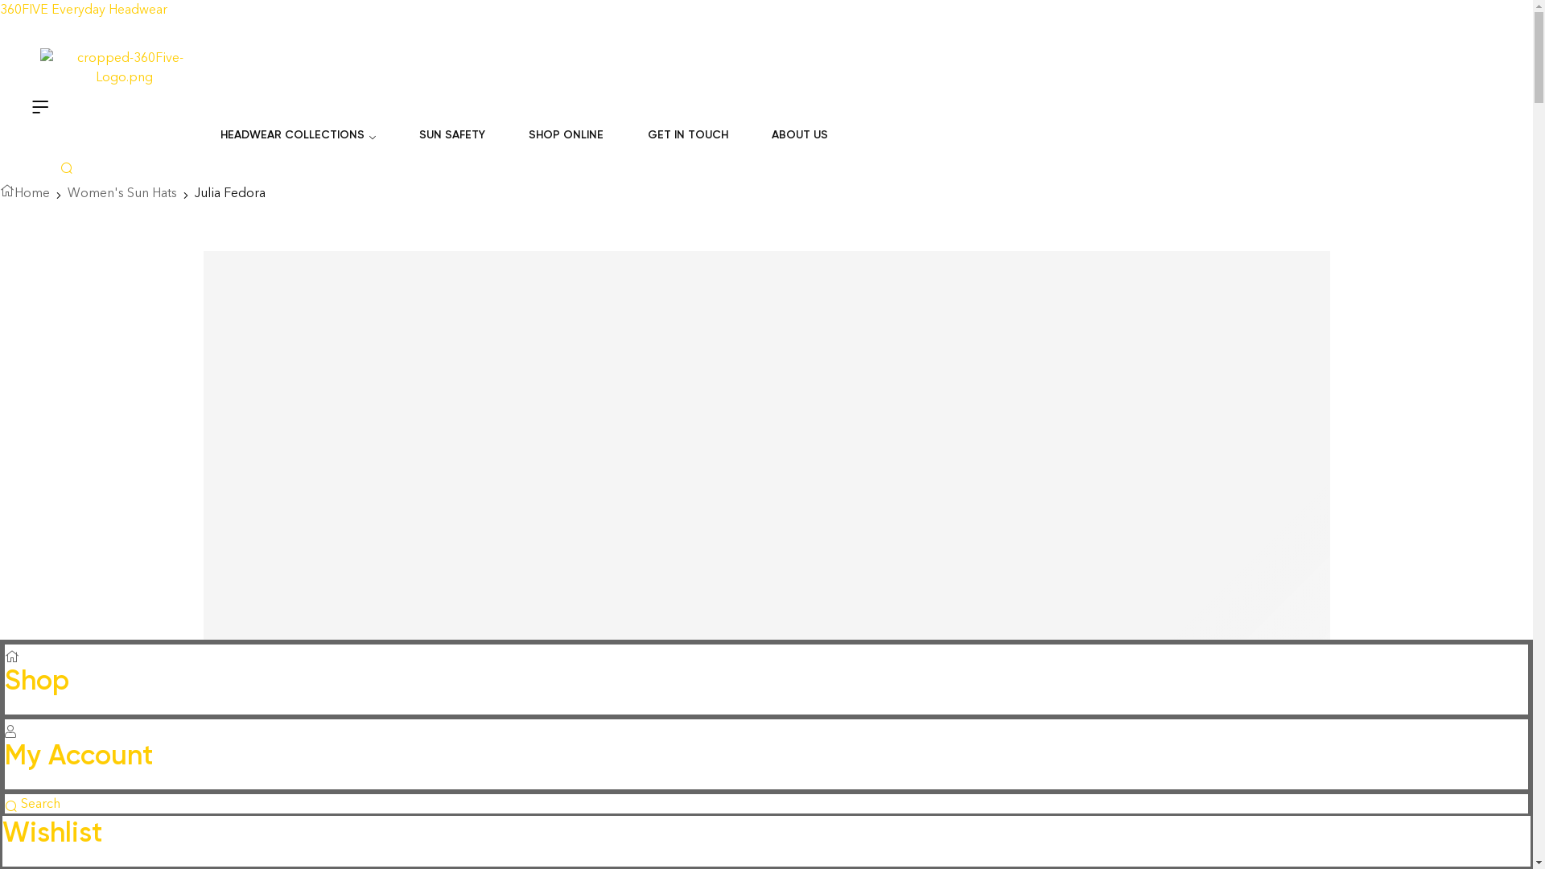  I want to click on 'SUN SAFETY', so click(451, 134).